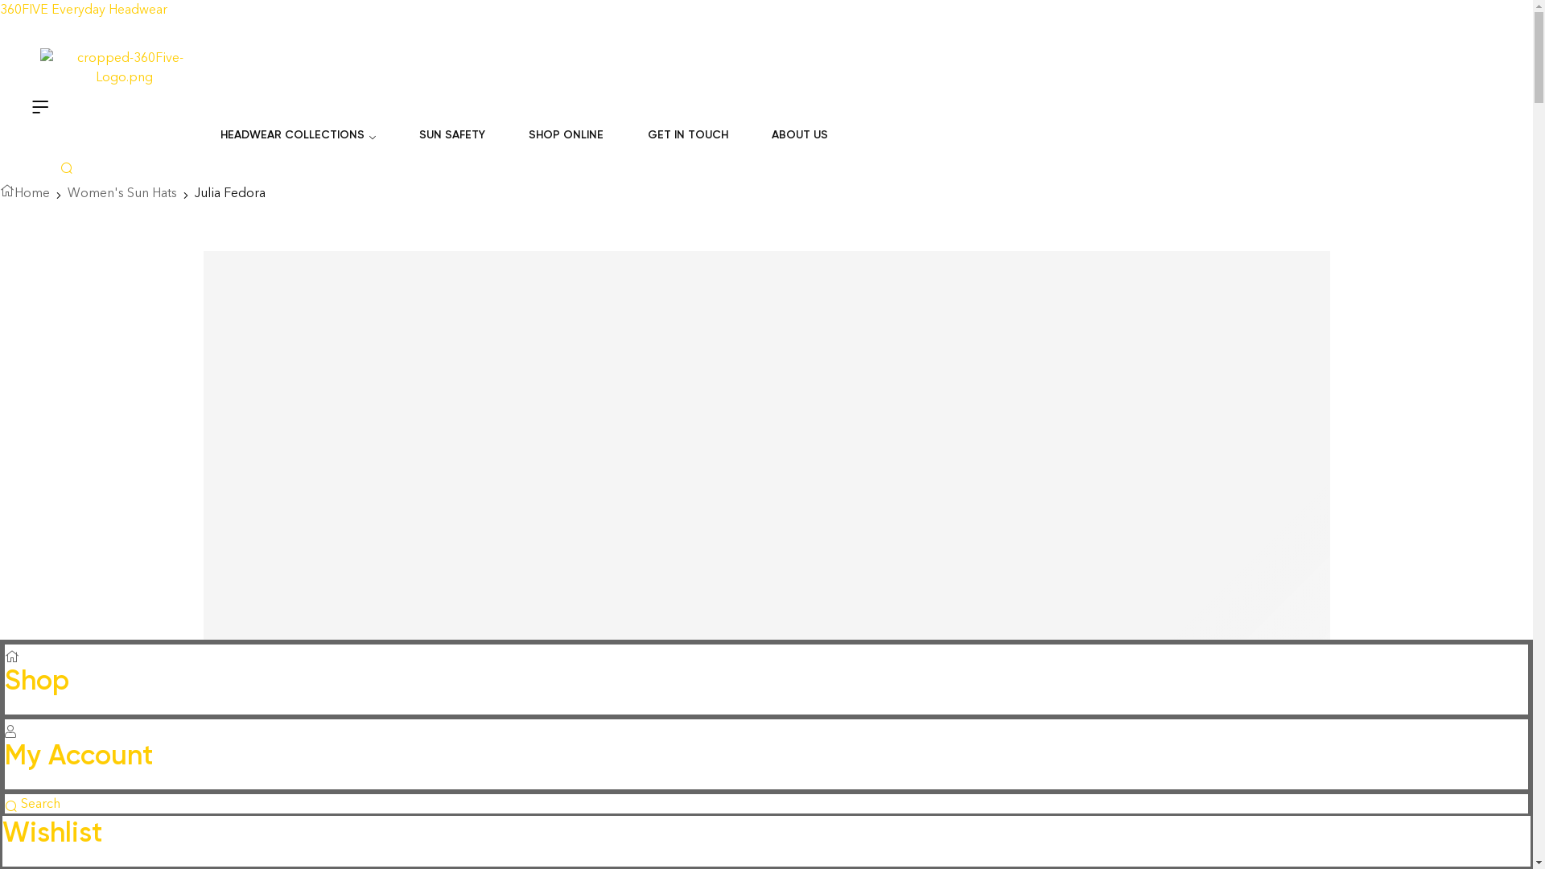  I want to click on 'SUN SAFETY', so click(451, 134).